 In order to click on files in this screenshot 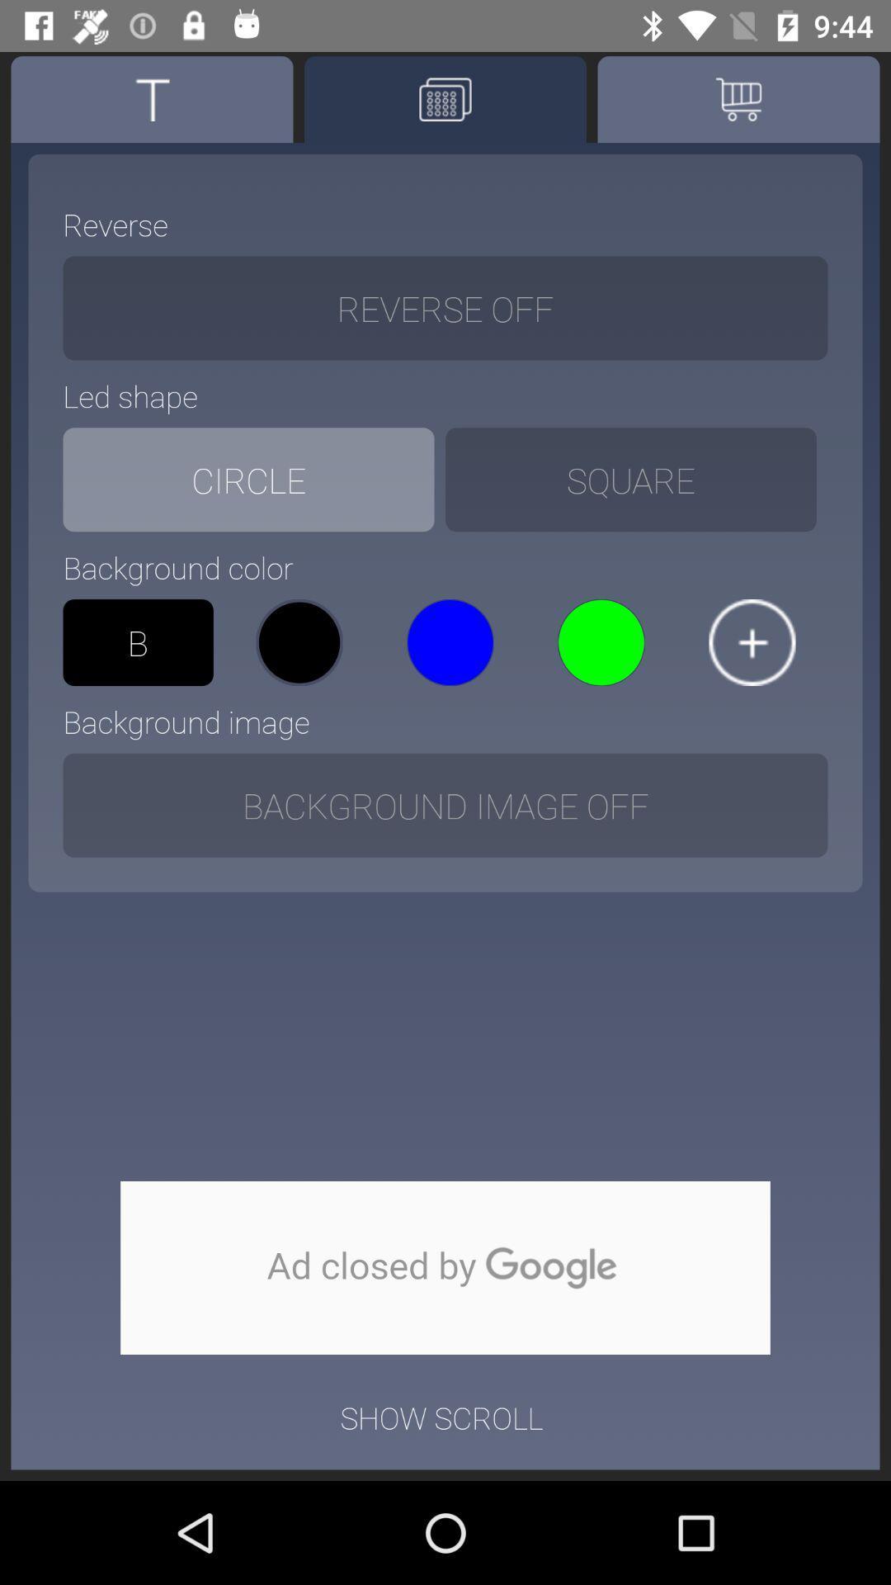, I will do `click(752, 641)`.